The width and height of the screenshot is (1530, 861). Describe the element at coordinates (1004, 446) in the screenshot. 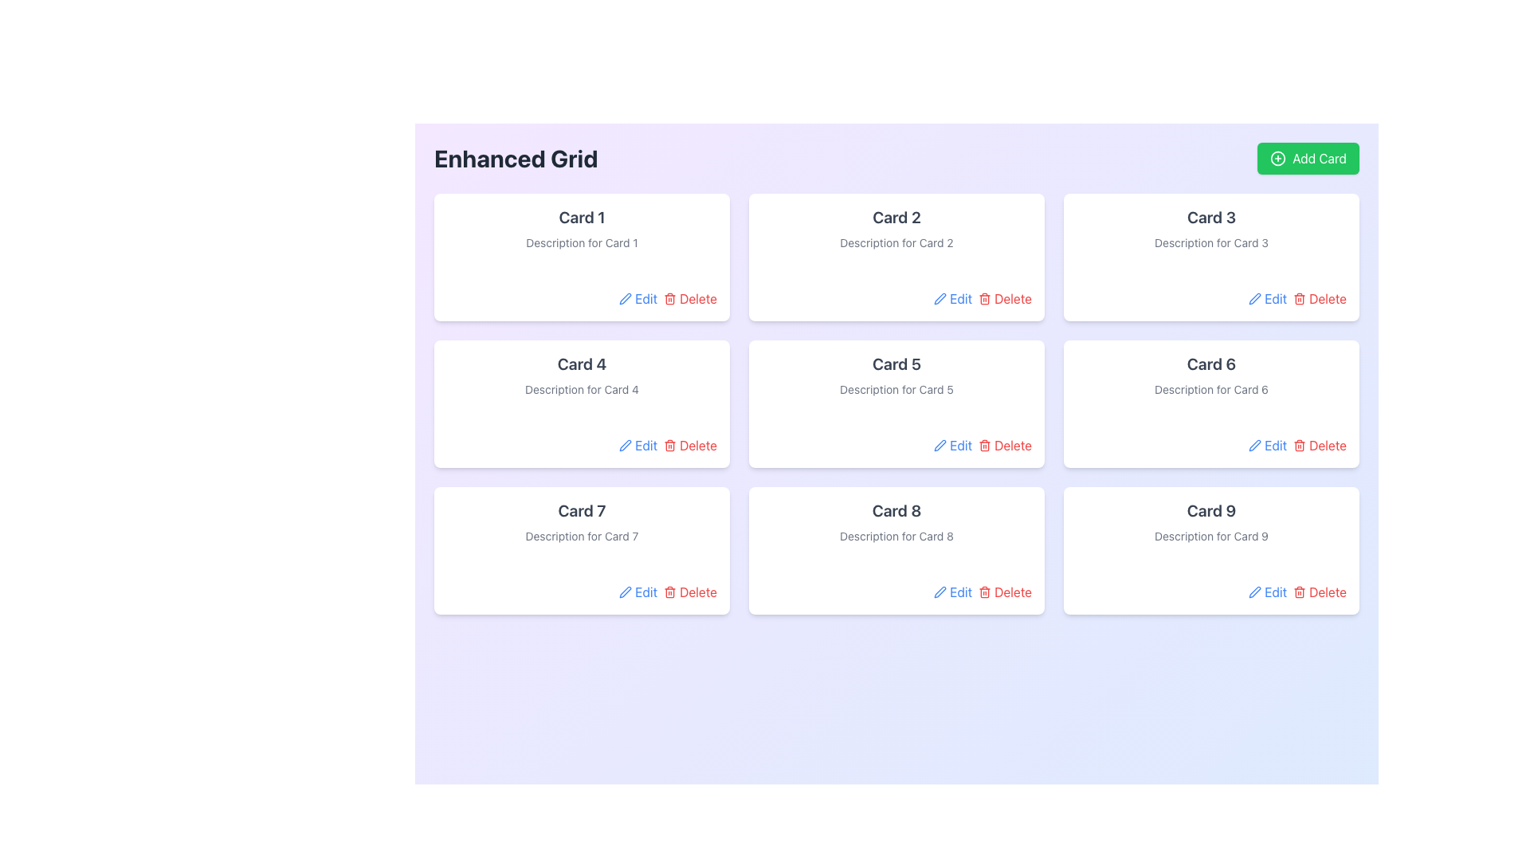

I see `the delete button located in the bottom right corner of 'Card 5'` at that location.